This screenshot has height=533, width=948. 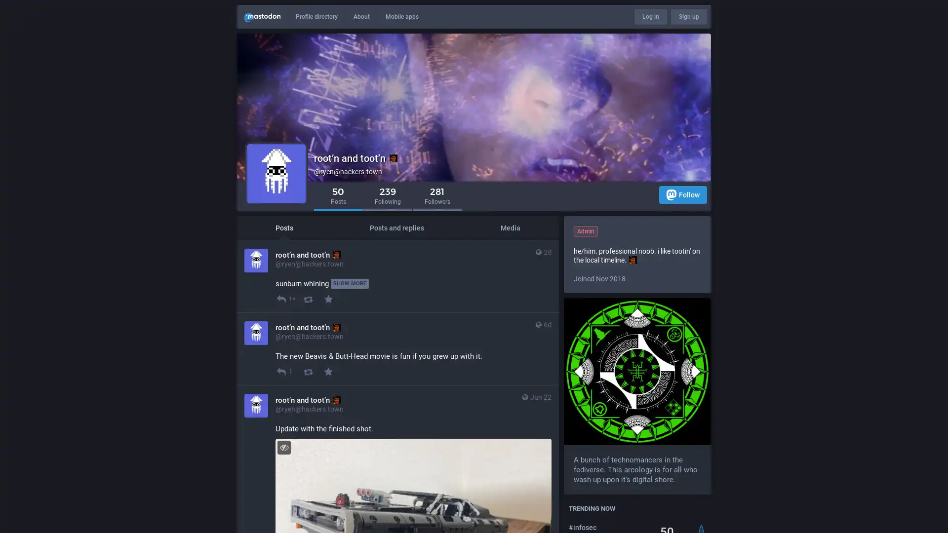 I want to click on SHOW MORE, so click(x=350, y=283).